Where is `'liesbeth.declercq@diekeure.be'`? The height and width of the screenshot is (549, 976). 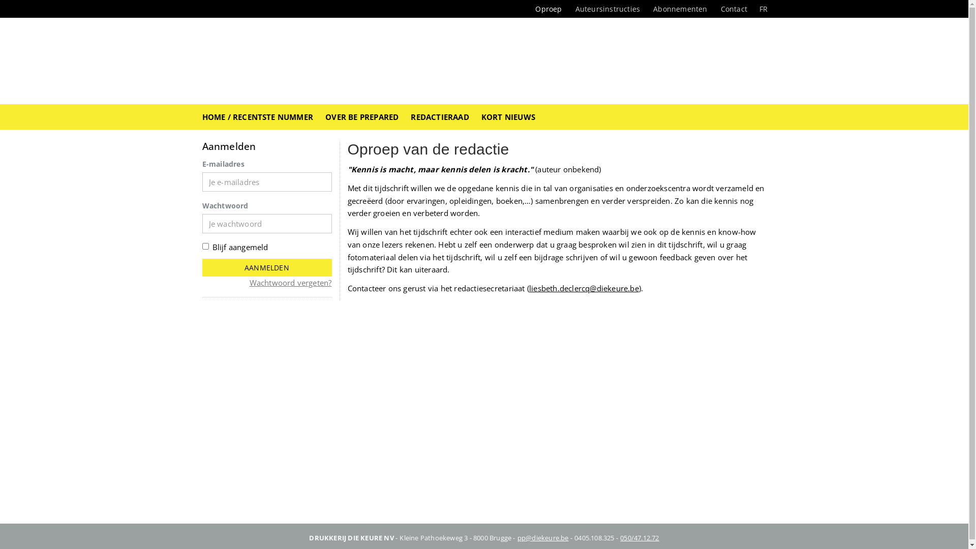 'liesbeth.declercq@diekeure.be' is located at coordinates (584, 288).